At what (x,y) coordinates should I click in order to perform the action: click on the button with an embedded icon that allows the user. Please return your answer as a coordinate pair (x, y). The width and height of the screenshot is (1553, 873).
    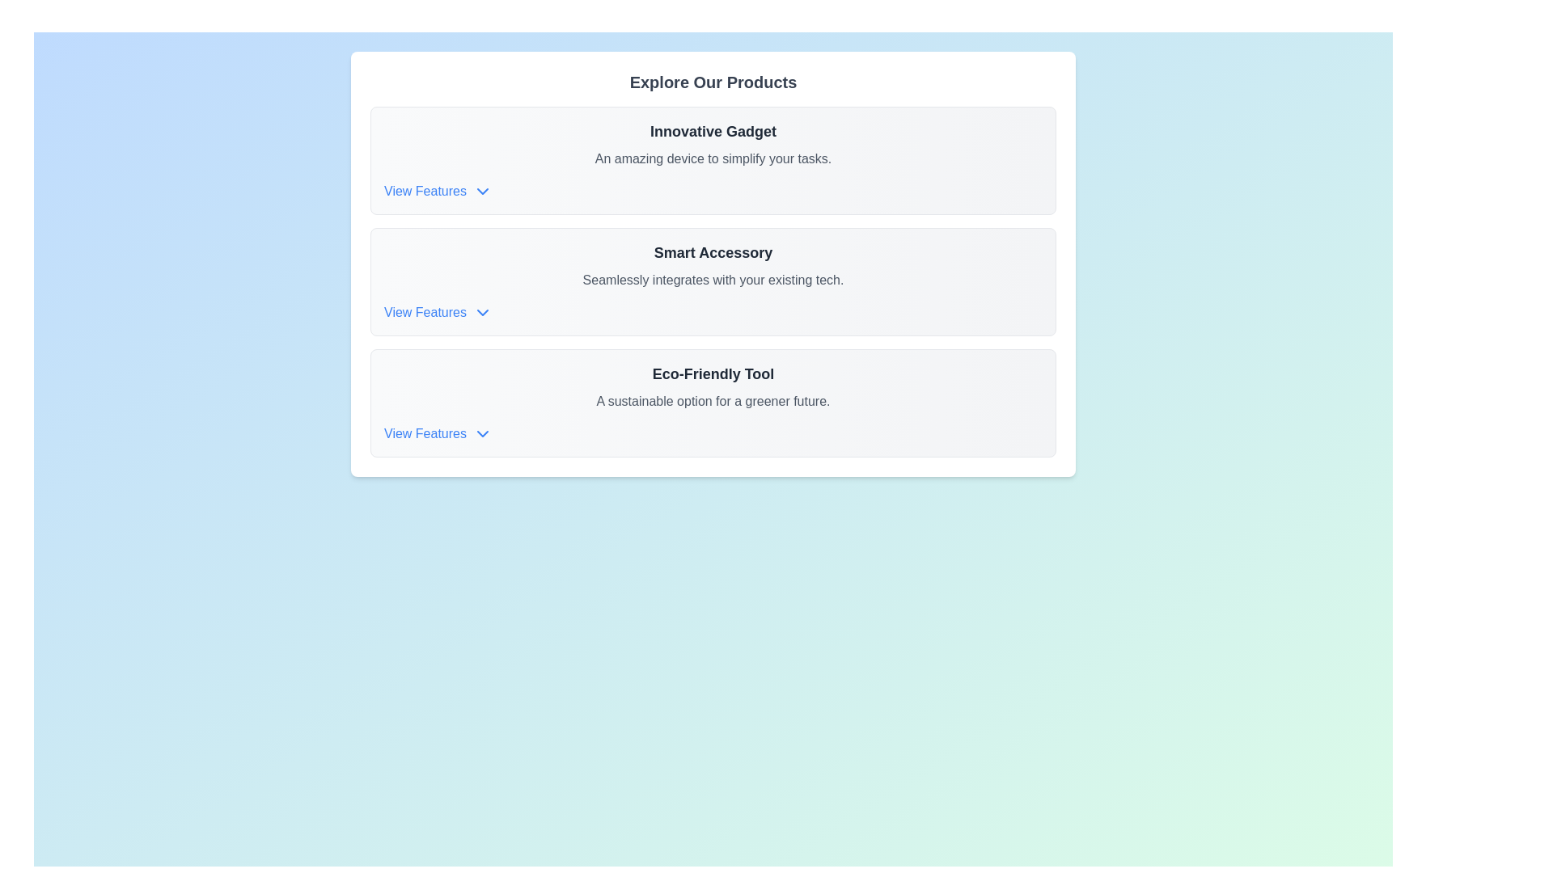
    Looking at the image, I should click on (438, 190).